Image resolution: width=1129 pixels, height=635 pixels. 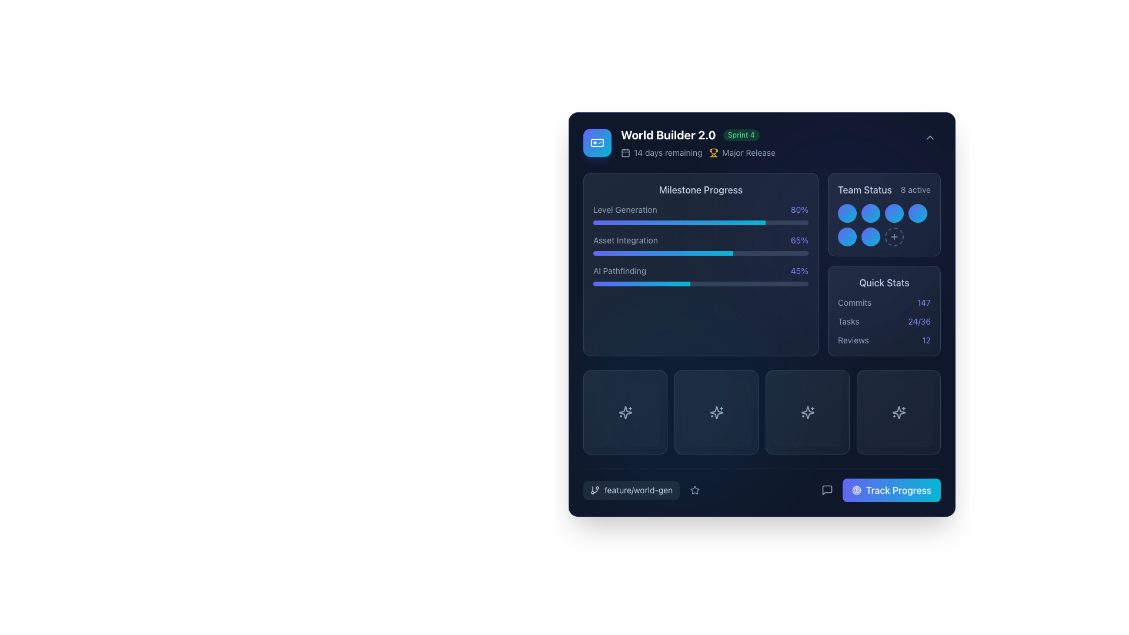 What do you see at coordinates (898, 412) in the screenshot?
I see `the Icon button located at the bottom-right of a row of four similar elements in a grid-like arrangement within a panel` at bounding box center [898, 412].